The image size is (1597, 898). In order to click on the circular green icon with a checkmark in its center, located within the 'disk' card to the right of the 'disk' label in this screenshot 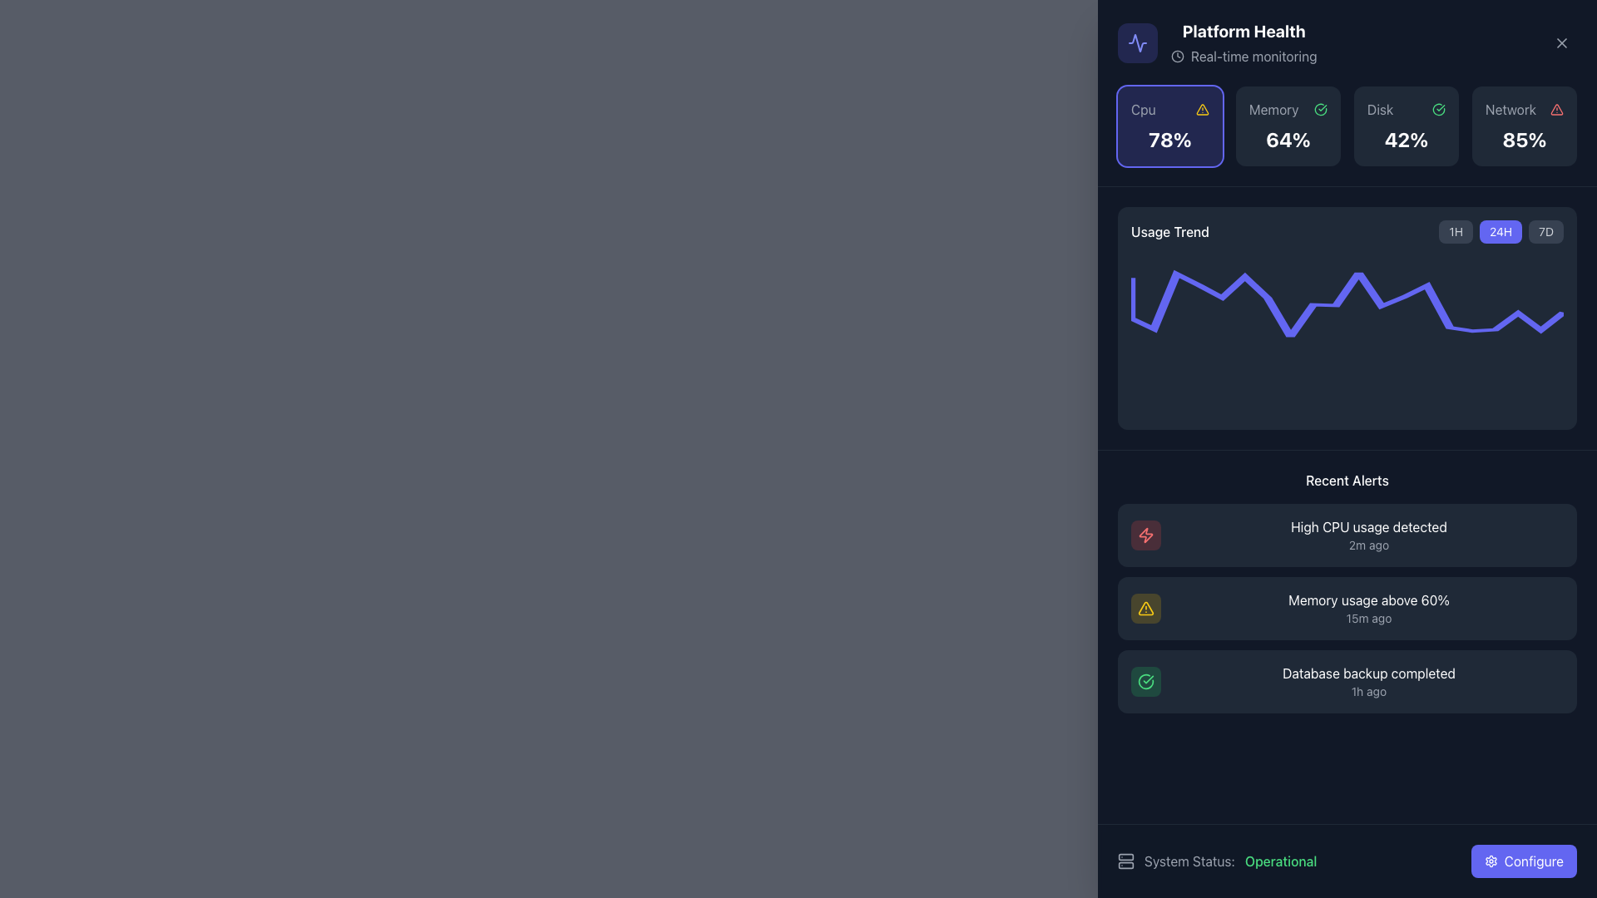, I will do `click(1437, 109)`.